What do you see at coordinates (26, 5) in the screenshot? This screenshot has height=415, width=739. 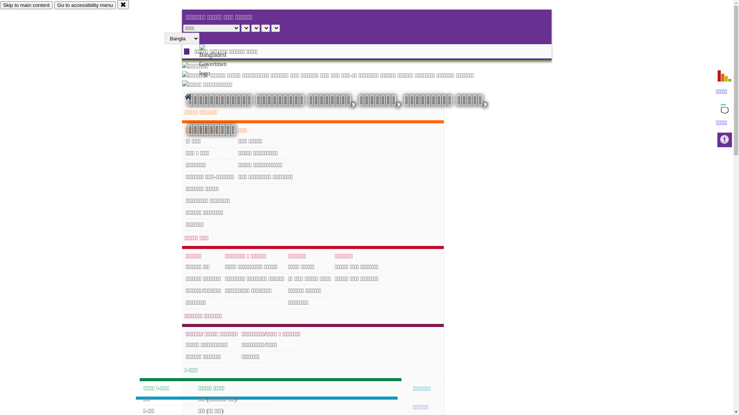 I see `'Skip to main content'` at bounding box center [26, 5].